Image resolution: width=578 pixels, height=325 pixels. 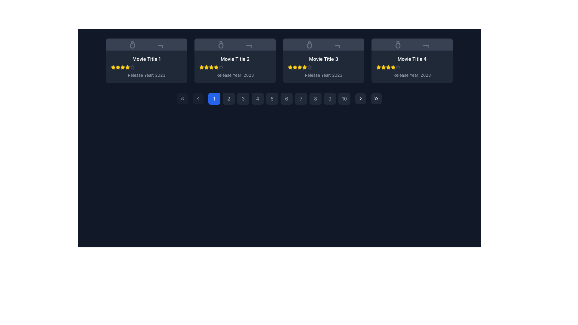 What do you see at coordinates (257, 98) in the screenshot?
I see `the fourth button in a navigation bar, which has a dark gray background and displays the digit '4', to provide visual feedback` at bounding box center [257, 98].